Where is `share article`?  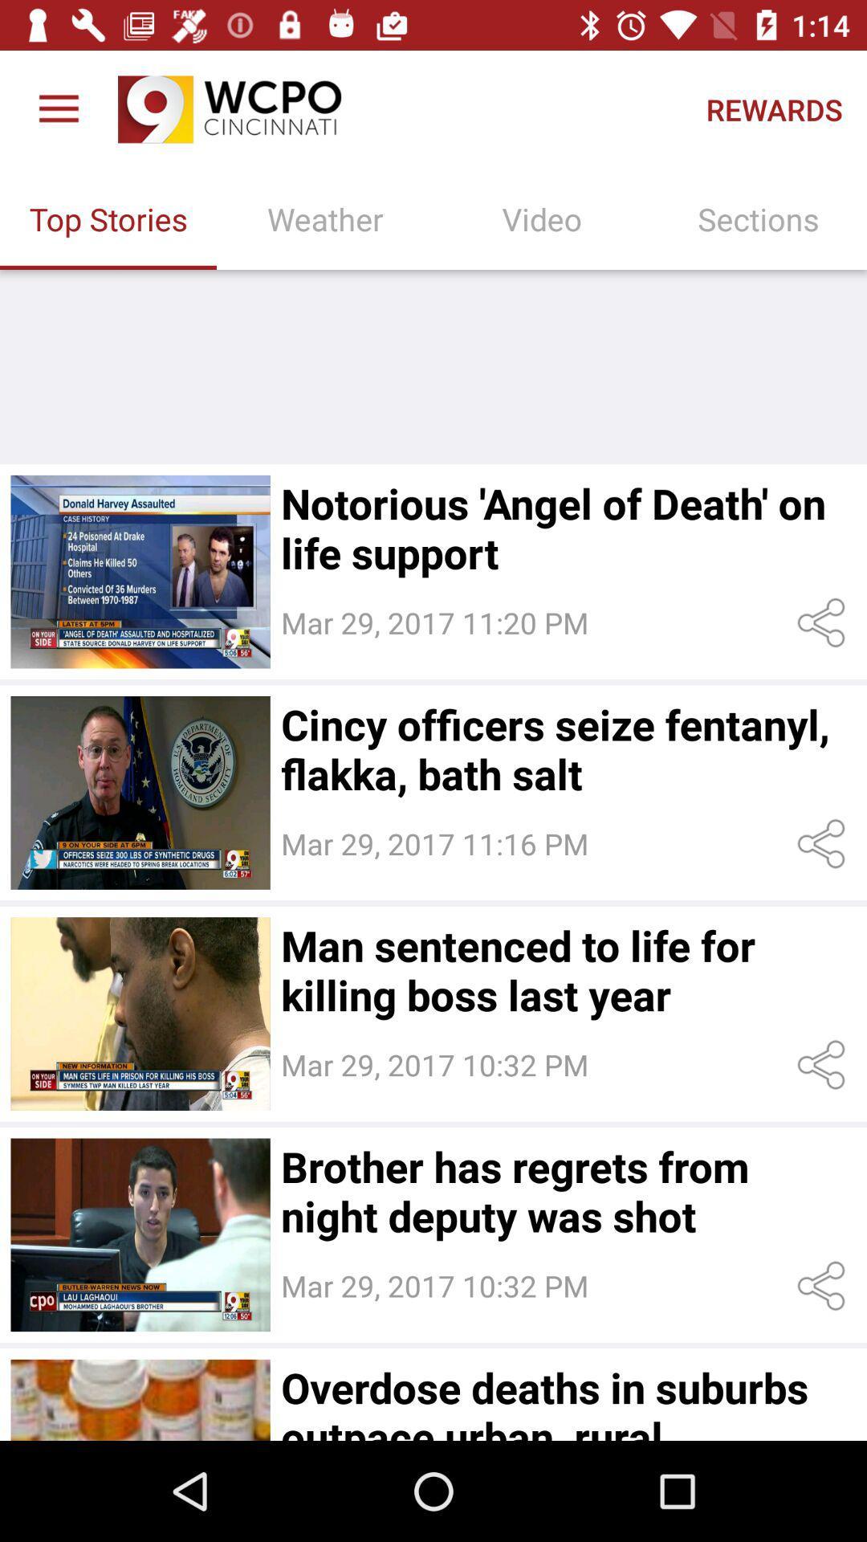
share article is located at coordinates (824, 1286).